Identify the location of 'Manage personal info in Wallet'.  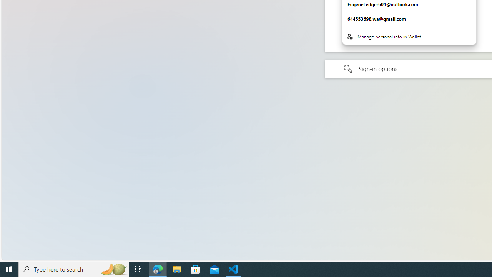
(409, 37).